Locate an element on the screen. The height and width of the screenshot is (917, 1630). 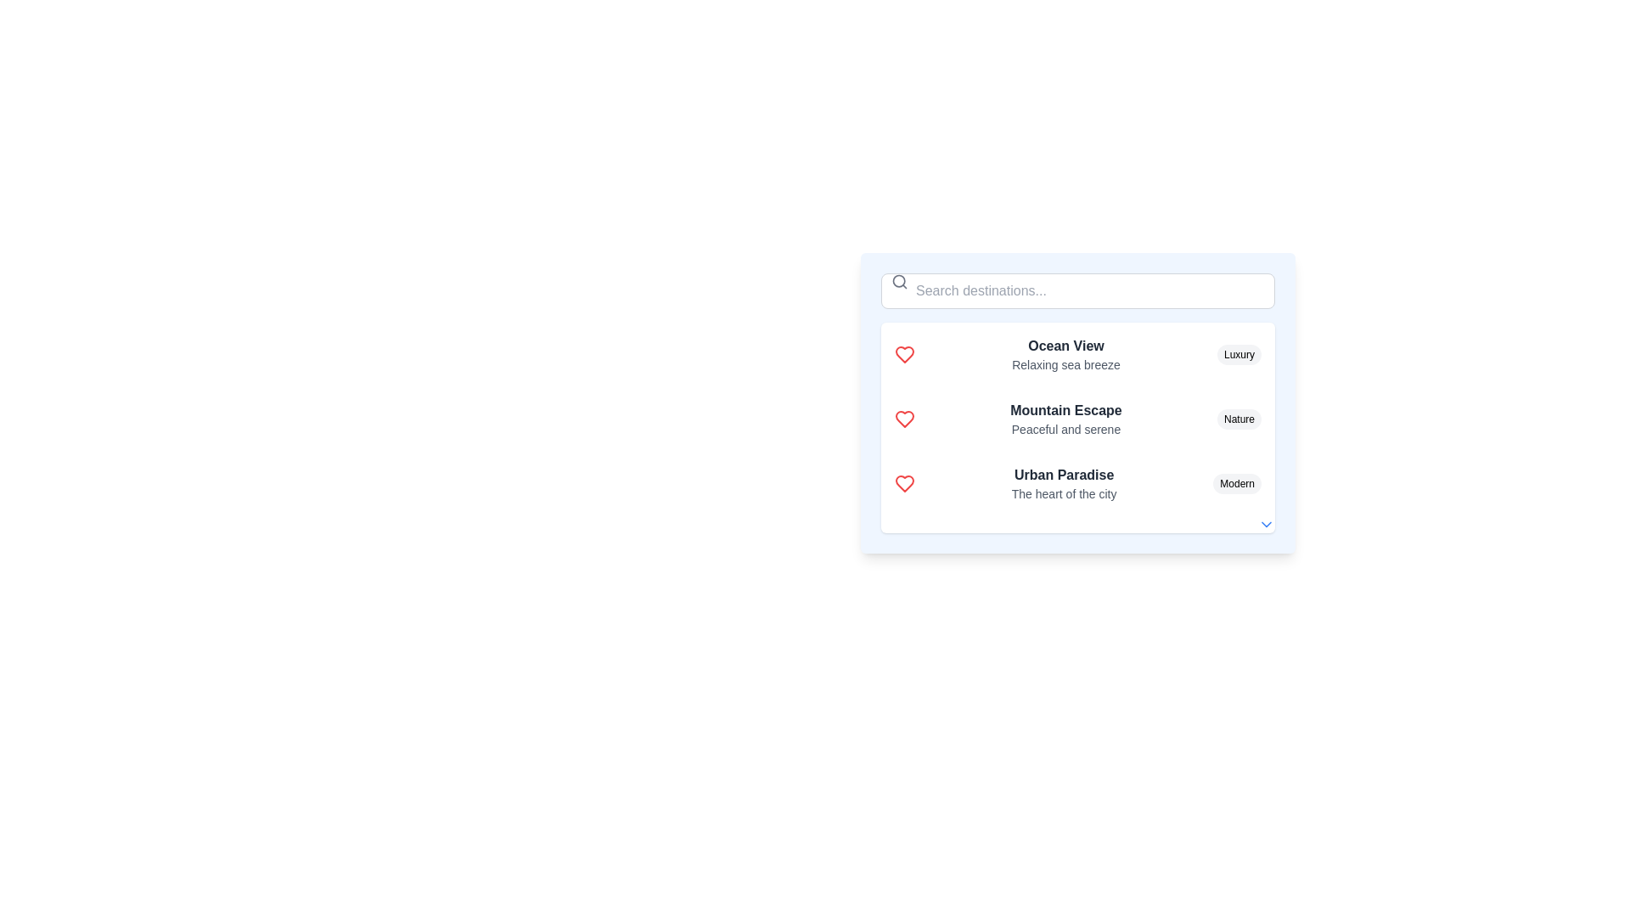
the heart-shaped icon outlined in red is located at coordinates (903, 353).